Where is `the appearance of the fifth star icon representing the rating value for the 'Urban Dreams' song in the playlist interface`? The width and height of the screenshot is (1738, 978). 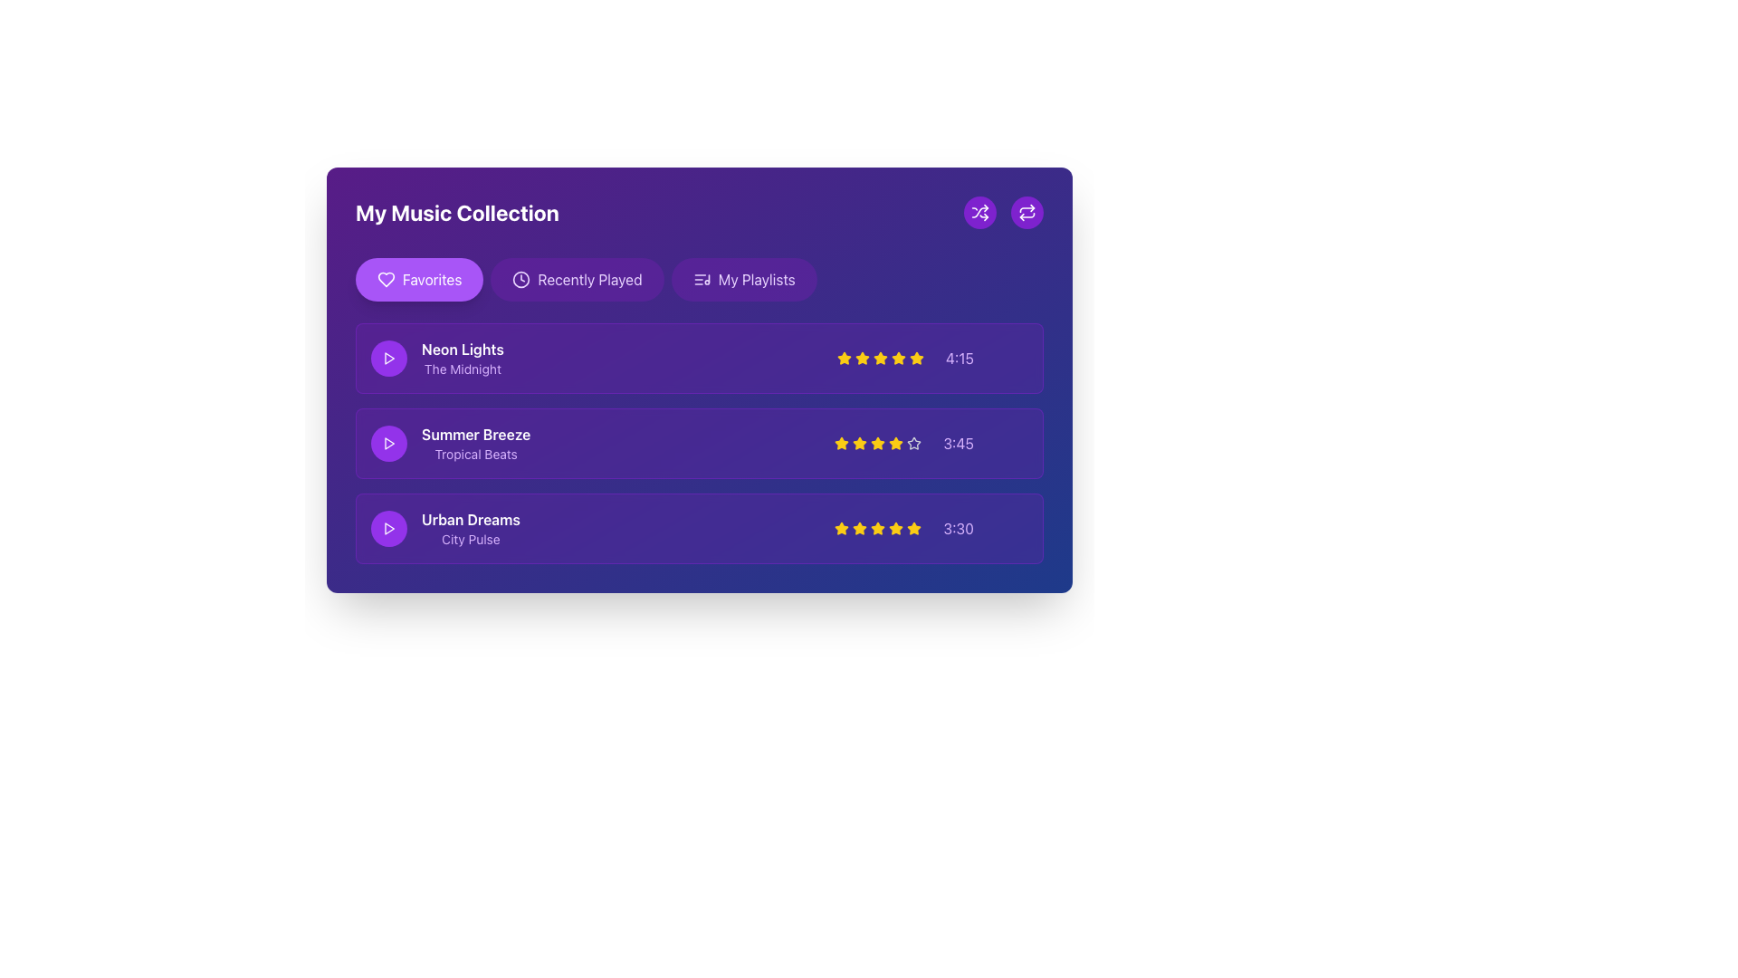
the appearance of the fifth star icon representing the rating value for the 'Urban Dreams' song in the playlist interface is located at coordinates (896, 528).